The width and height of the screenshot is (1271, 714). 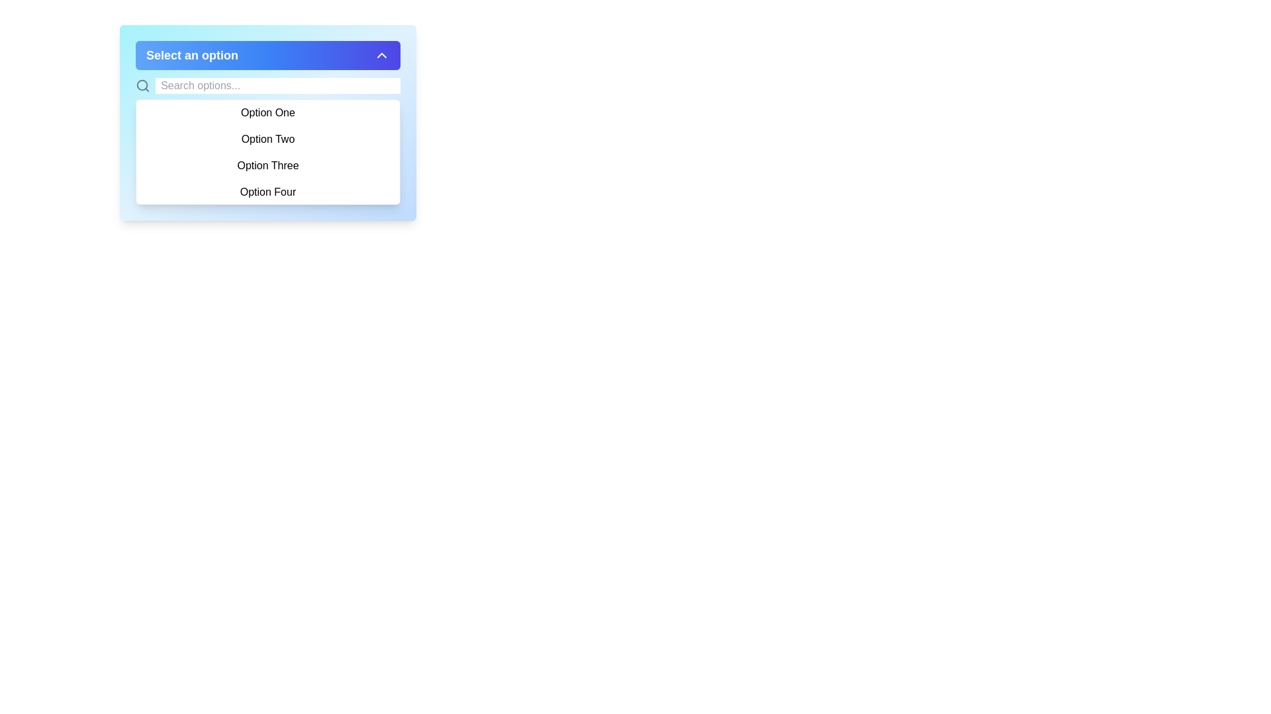 What do you see at coordinates (267, 141) in the screenshot?
I see `the option in the dropdown menu labeled 'Option One', 'Option Two', 'Option Three', or 'Option Four'` at bounding box center [267, 141].